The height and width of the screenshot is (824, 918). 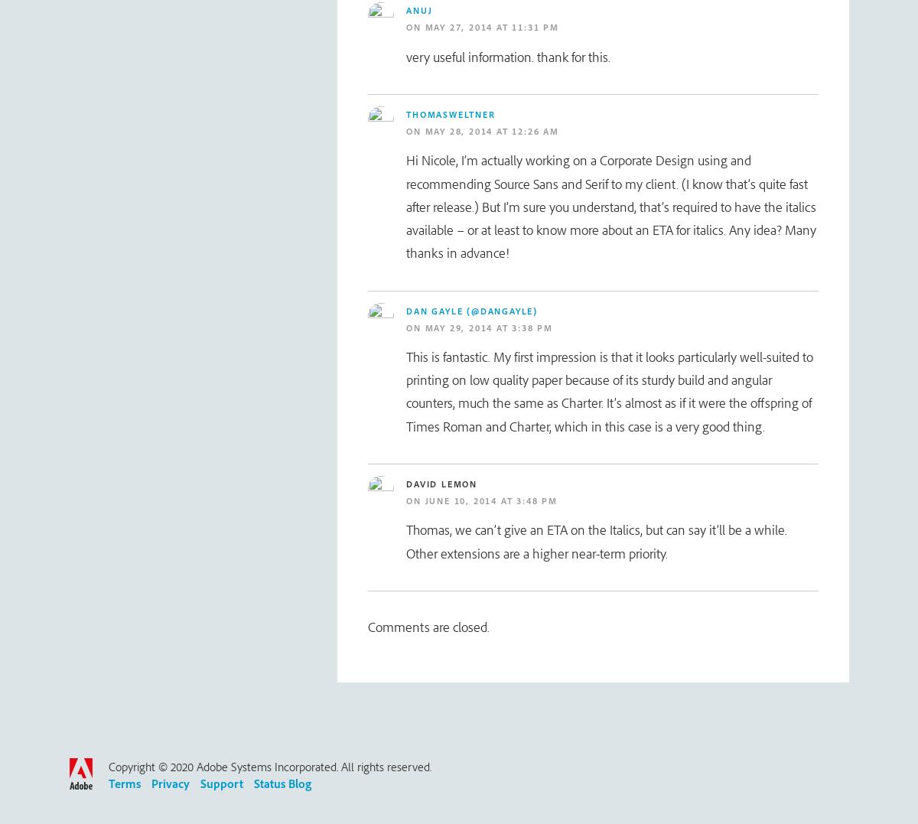 What do you see at coordinates (405, 310) in the screenshot?
I see `'Dan Gayle (@dangayle)'` at bounding box center [405, 310].